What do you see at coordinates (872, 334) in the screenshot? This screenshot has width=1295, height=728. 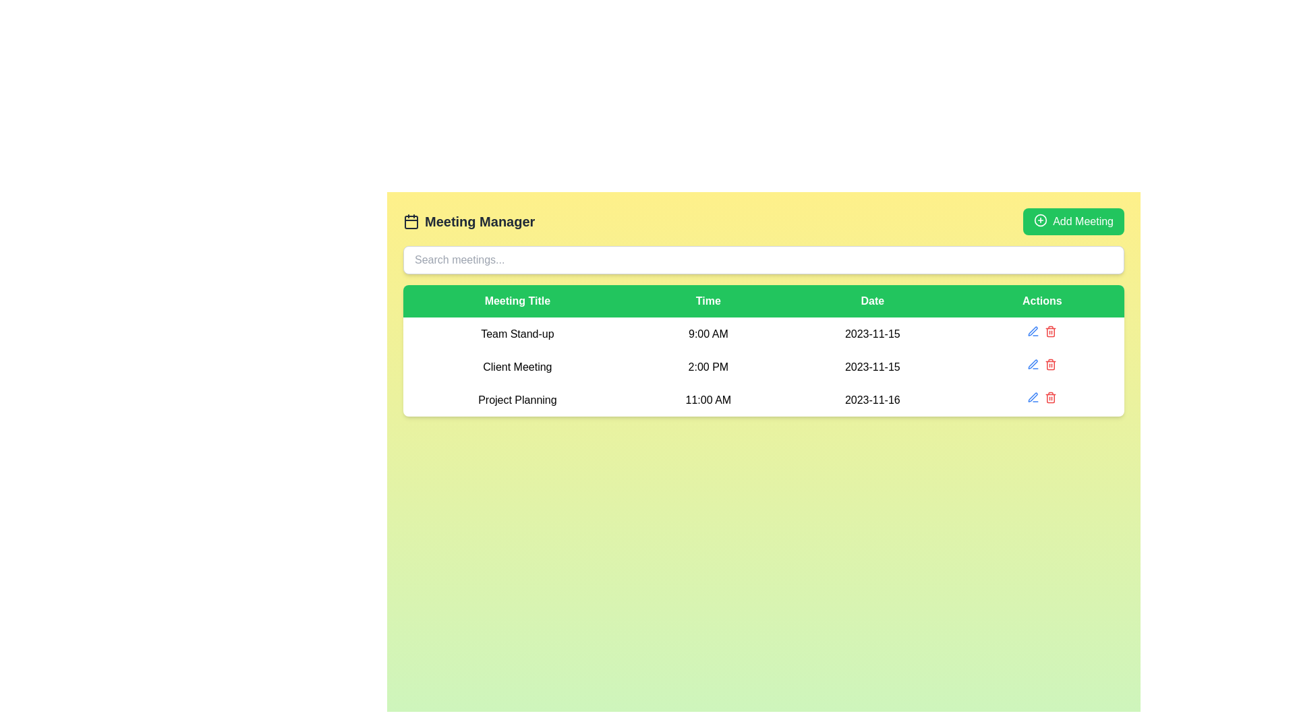 I see `the static text element displaying the date '2023-11-15' in the meeting schedule table under the 'Date' column` at bounding box center [872, 334].